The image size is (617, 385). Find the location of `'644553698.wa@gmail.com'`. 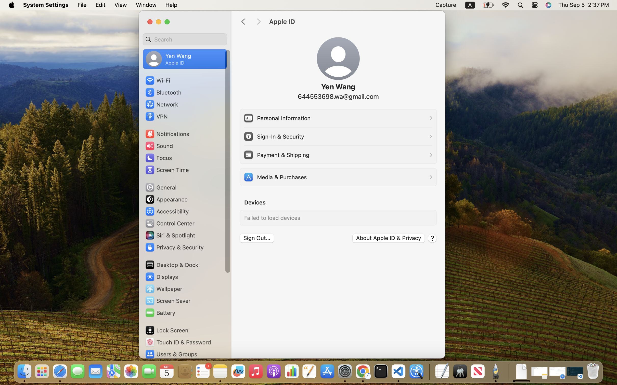

'644553698.wa@gmail.com' is located at coordinates (338, 96).